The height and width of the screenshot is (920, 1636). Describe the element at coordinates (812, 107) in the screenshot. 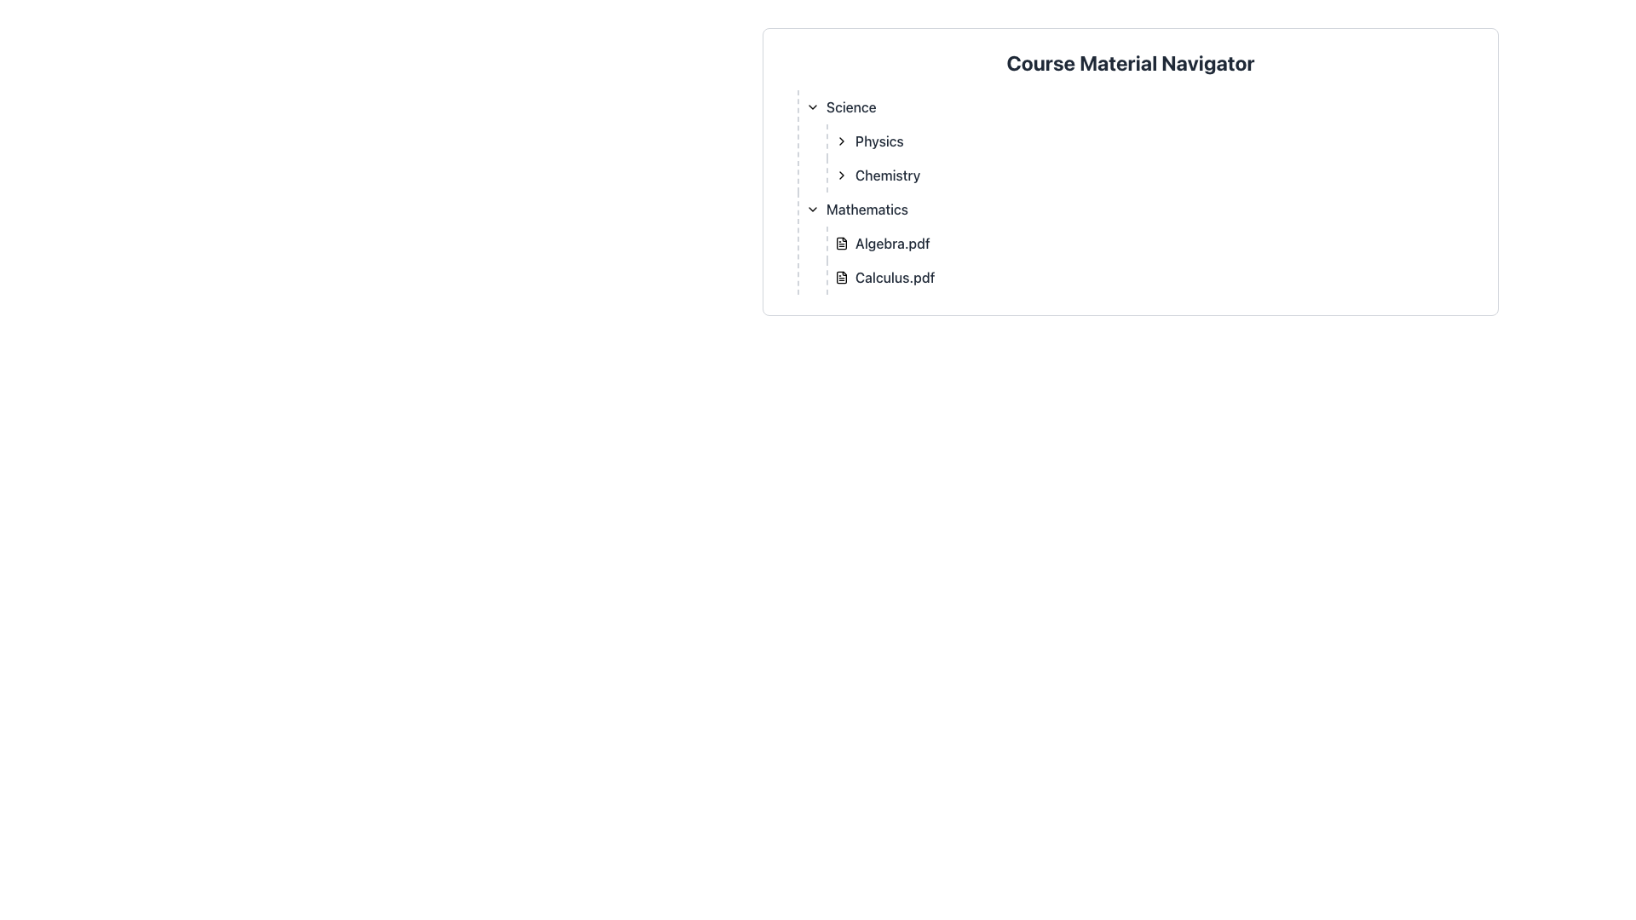

I see `the downward-pointing chevron icon that is positioned to the left of the word 'Science'` at that location.